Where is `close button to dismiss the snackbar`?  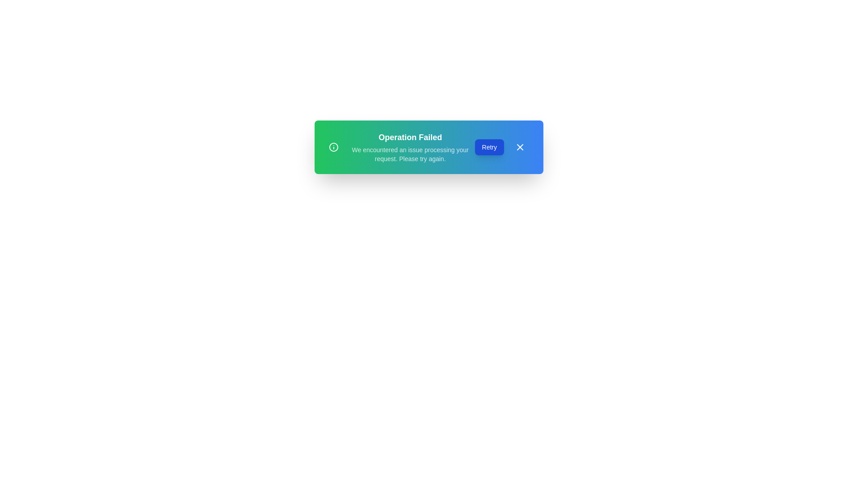 close button to dismiss the snackbar is located at coordinates (520, 147).